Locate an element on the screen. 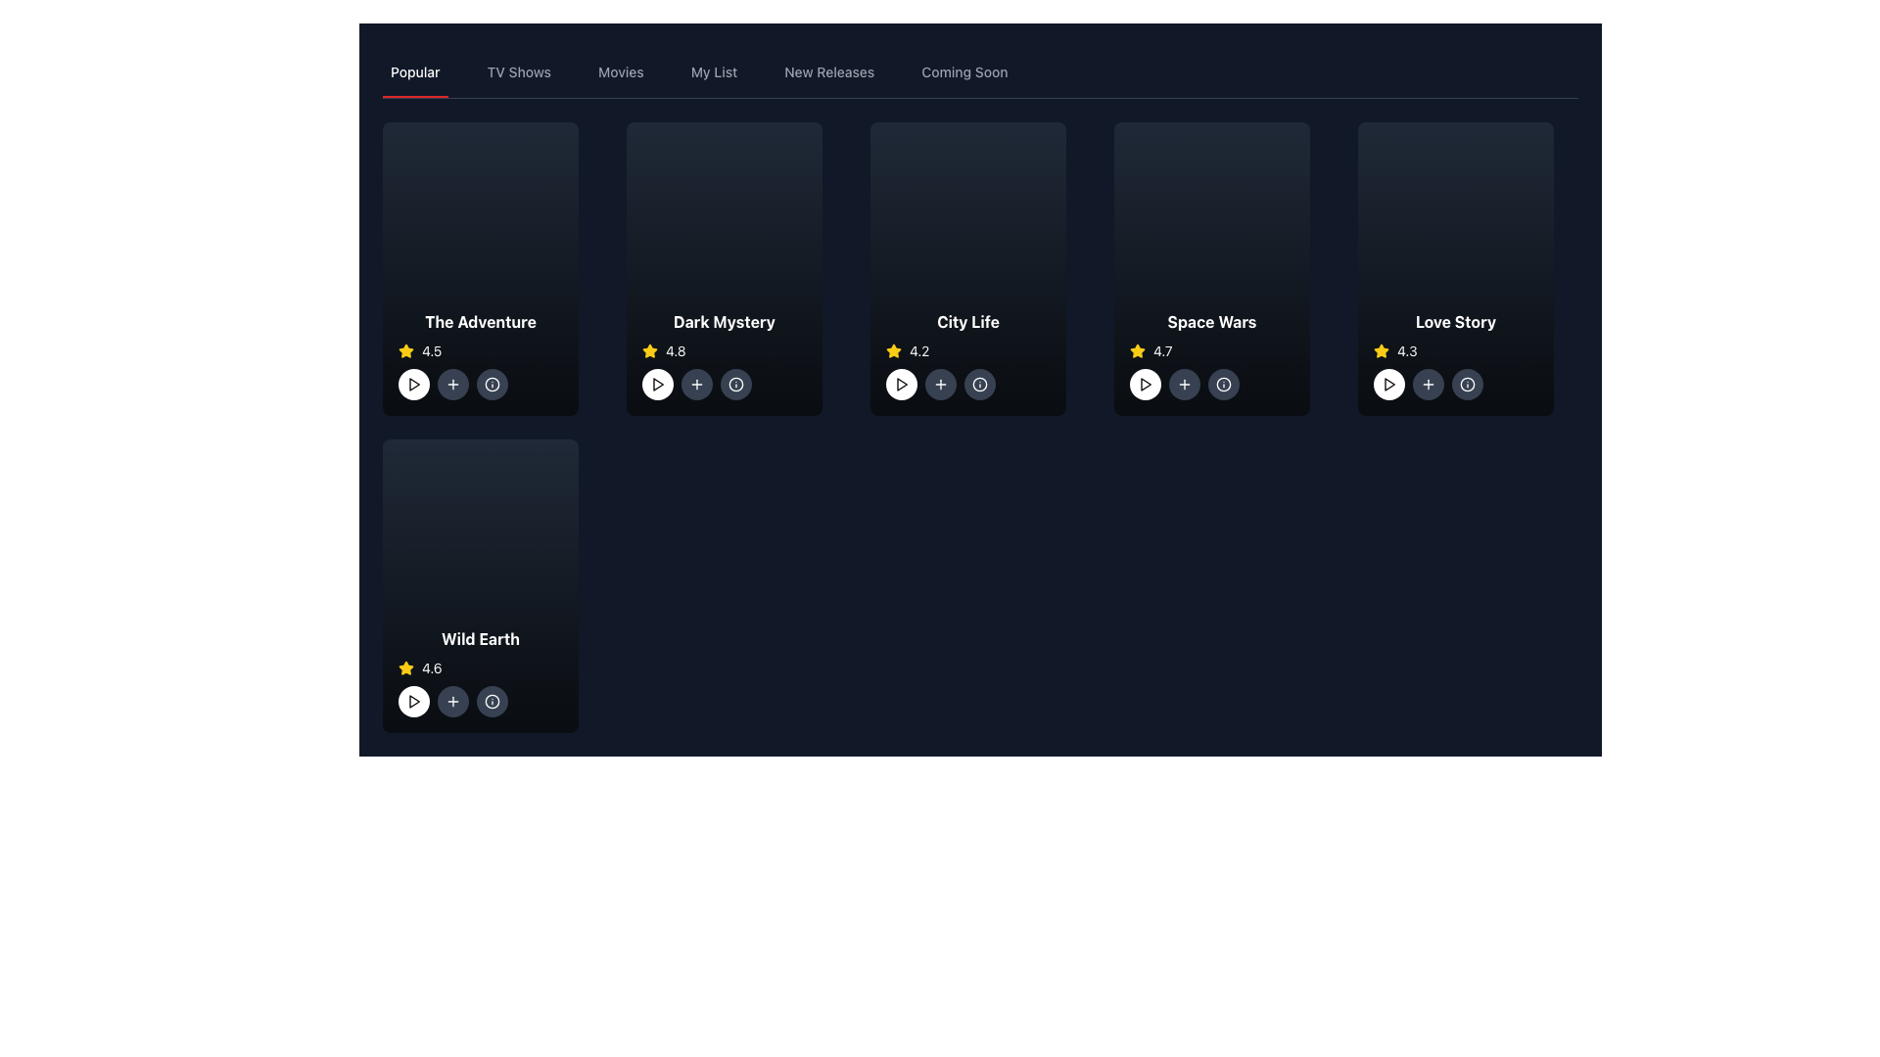 The image size is (1880, 1057). the 'Information' button located is located at coordinates (723, 385).